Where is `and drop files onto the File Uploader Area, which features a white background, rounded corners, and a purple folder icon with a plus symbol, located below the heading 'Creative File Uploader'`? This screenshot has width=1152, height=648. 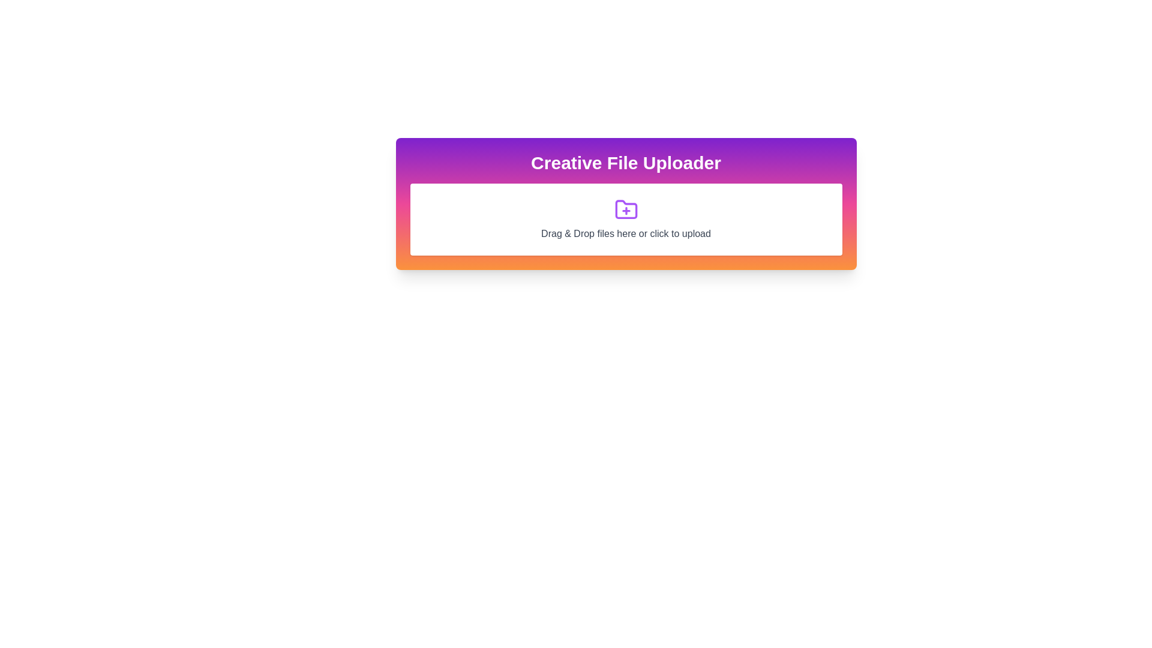 and drop files onto the File Uploader Area, which features a white background, rounded corners, and a purple folder icon with a plus symbol, located below the heading 'Creative File Uploader' is located at coordinates (625, 220).